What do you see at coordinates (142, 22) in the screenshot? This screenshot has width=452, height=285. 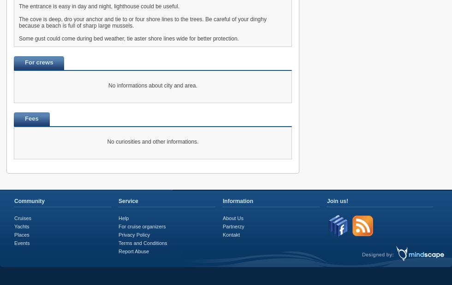 I see `'The cove is deep, dro your anchor and tie to or four shore lines to the trees. Be careful of your dinghy because a beach is full of sharp large mussels.'` at bounding box center [142, 22].